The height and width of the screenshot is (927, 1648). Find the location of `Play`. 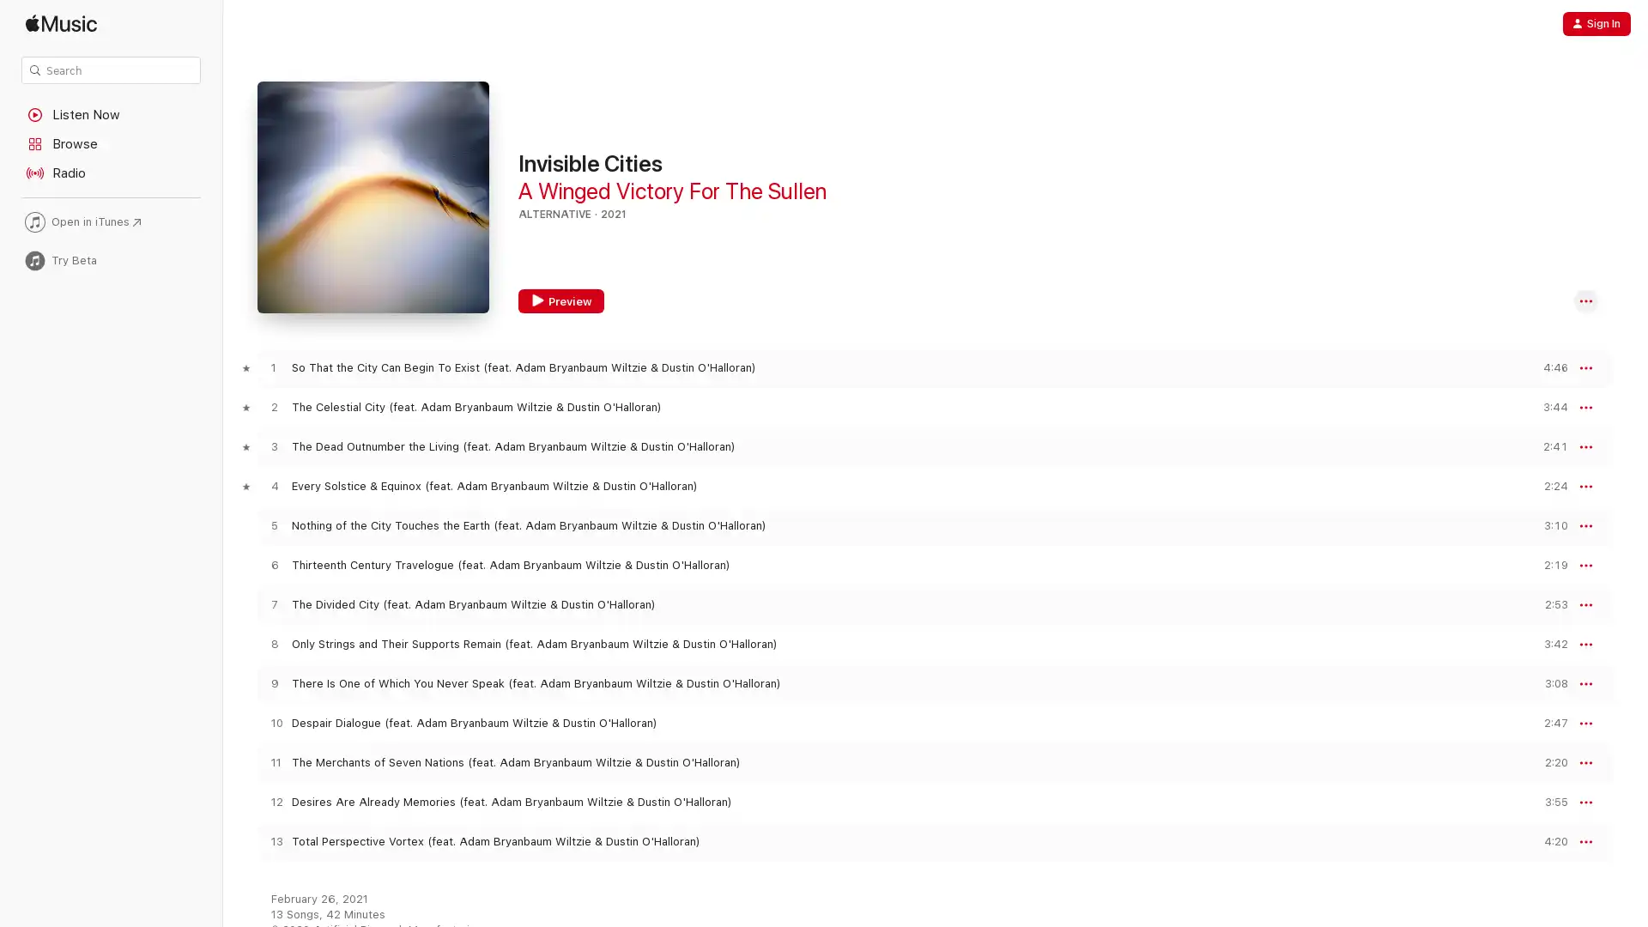

Play is located at coordinates (273, 603).